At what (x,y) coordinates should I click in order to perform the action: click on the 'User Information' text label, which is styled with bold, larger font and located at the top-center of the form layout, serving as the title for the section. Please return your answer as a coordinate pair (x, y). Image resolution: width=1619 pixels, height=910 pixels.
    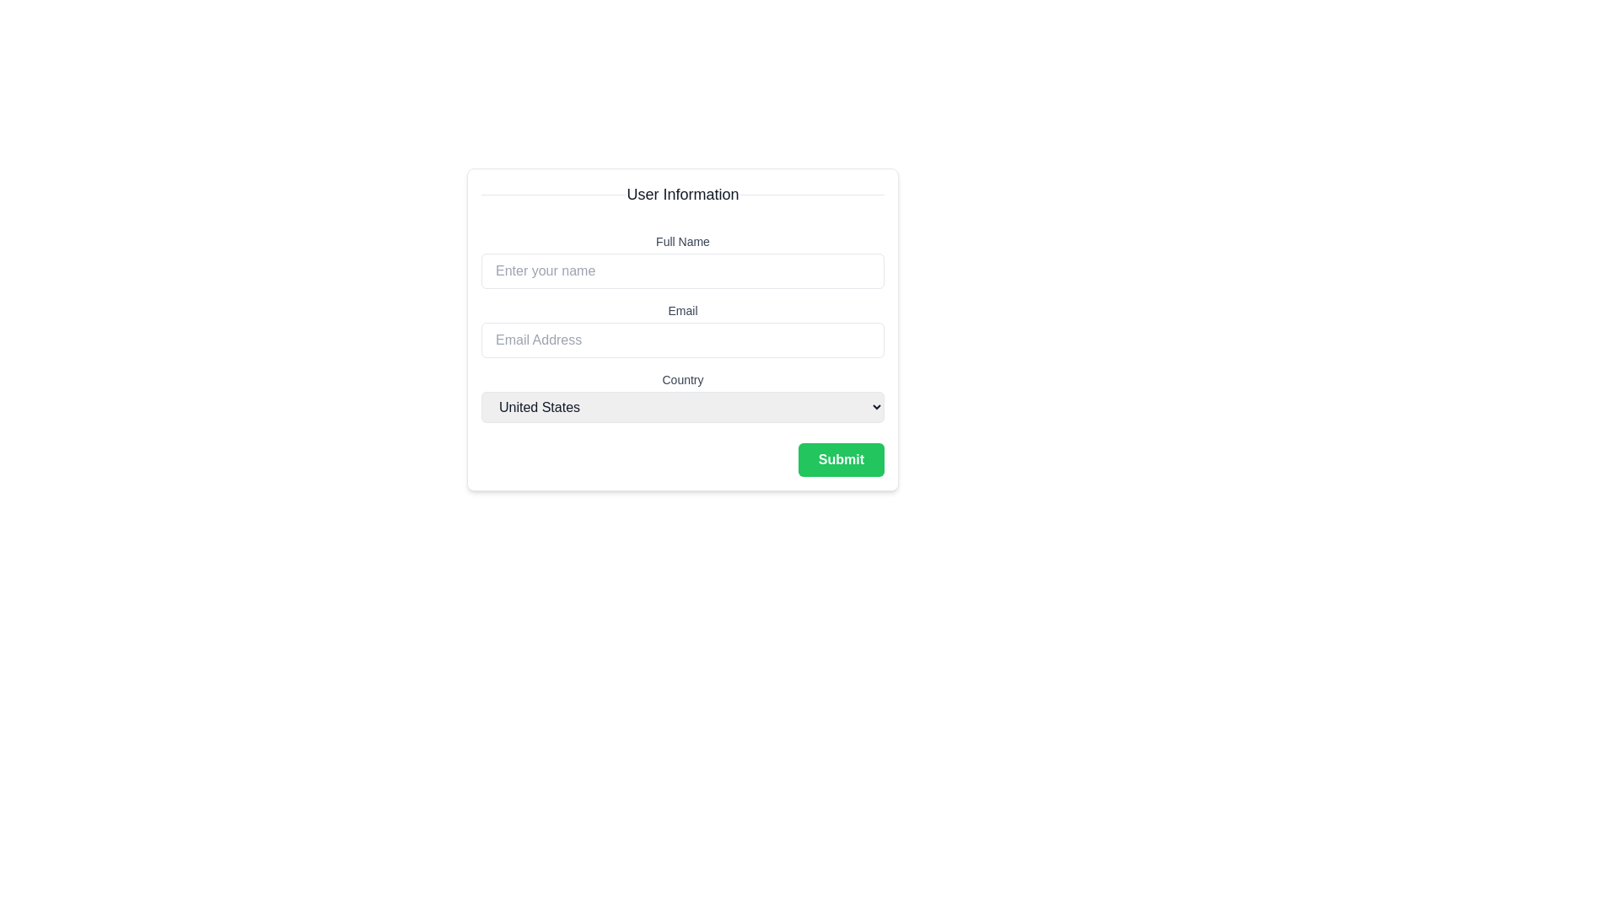
    Looking at the image, I should click on (683, 194).